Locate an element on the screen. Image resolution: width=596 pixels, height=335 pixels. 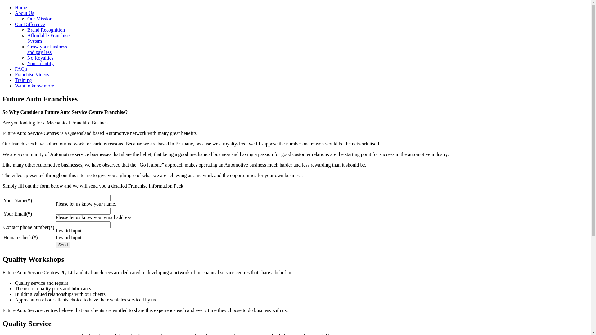
'Want to know more' is located at coordinates (15, 86).